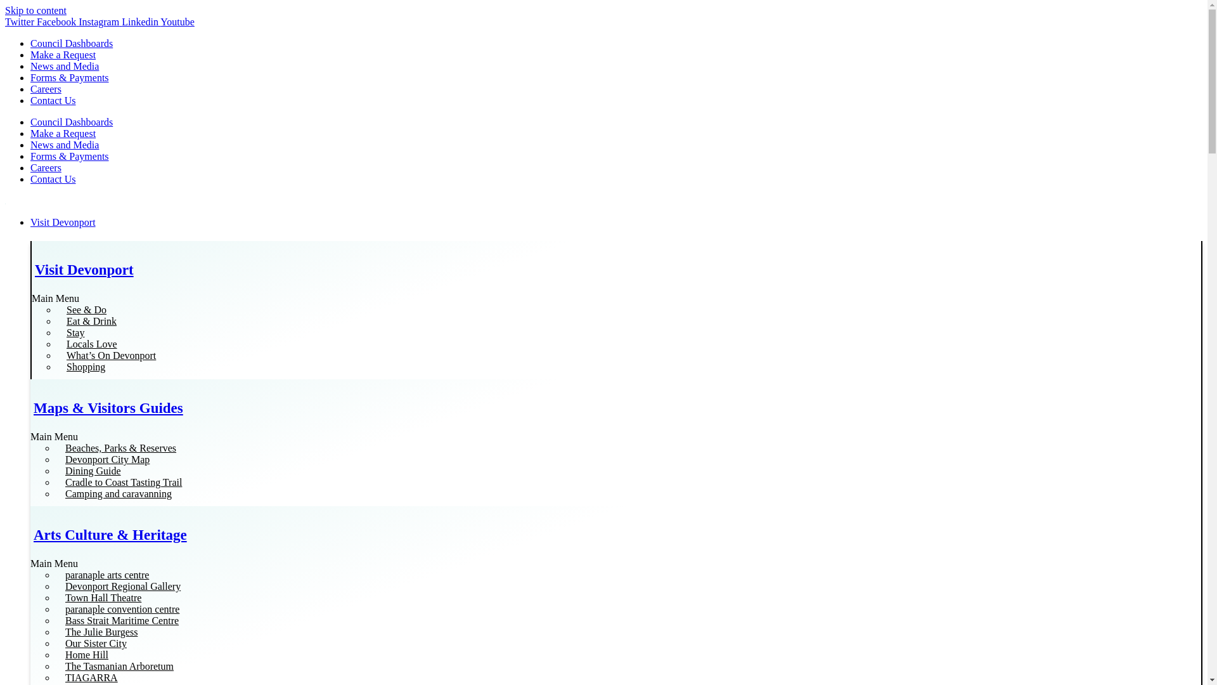  I want to click on 'Youtube', so click(176, 22).